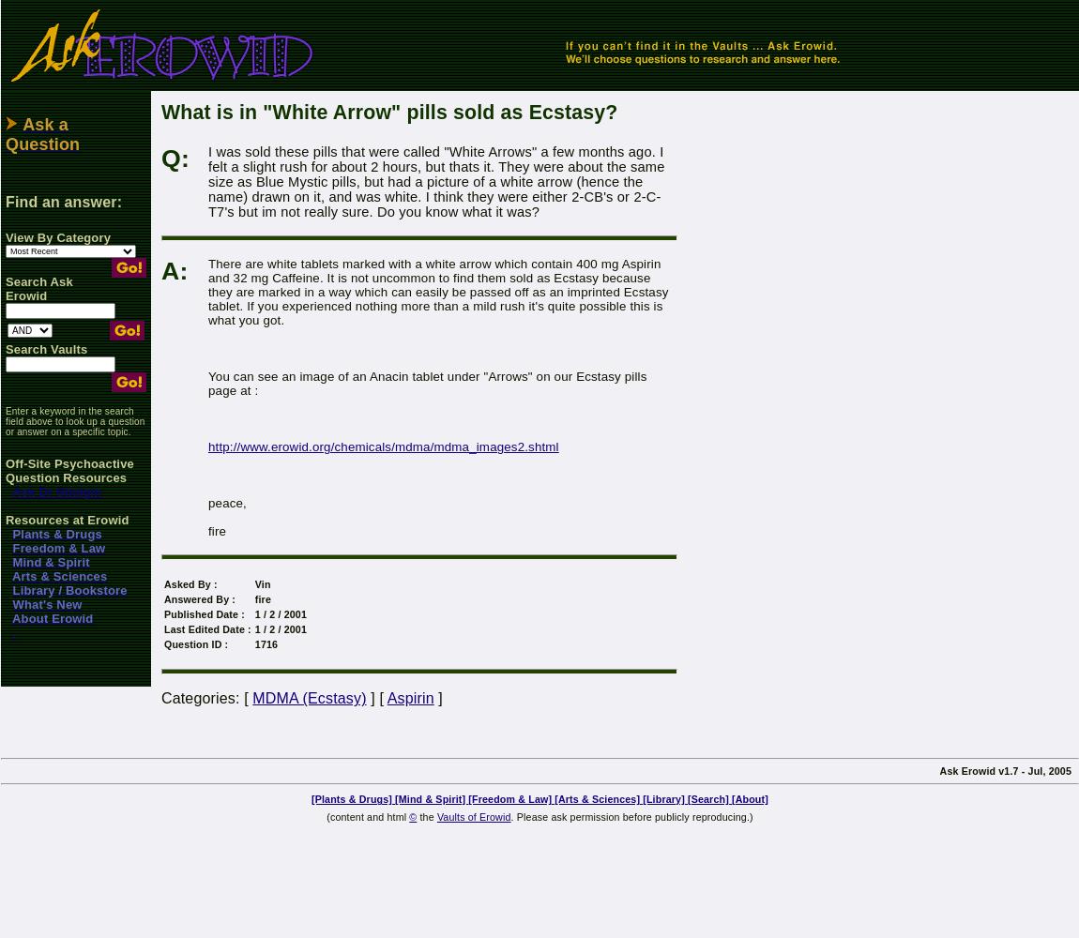  Describe the element at coordinates (4, 471) in the screenshot. I see `'Off-Site Psychoactive Question Resources'` at that location.